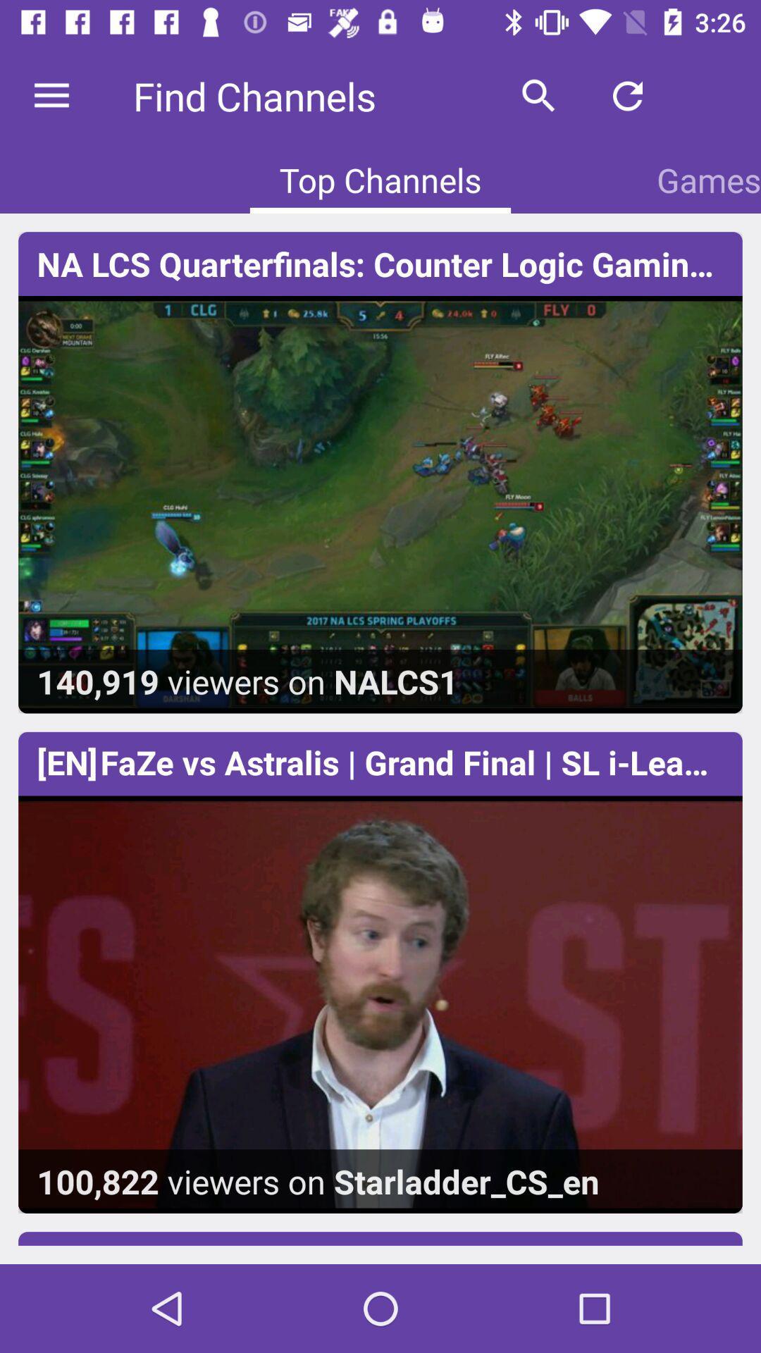 The width and height of the screenshot is (761, 1353). Describe the element at coordinates (380, 473) in the screenshot. I see `first image along with the text at top and bottom` at that location.